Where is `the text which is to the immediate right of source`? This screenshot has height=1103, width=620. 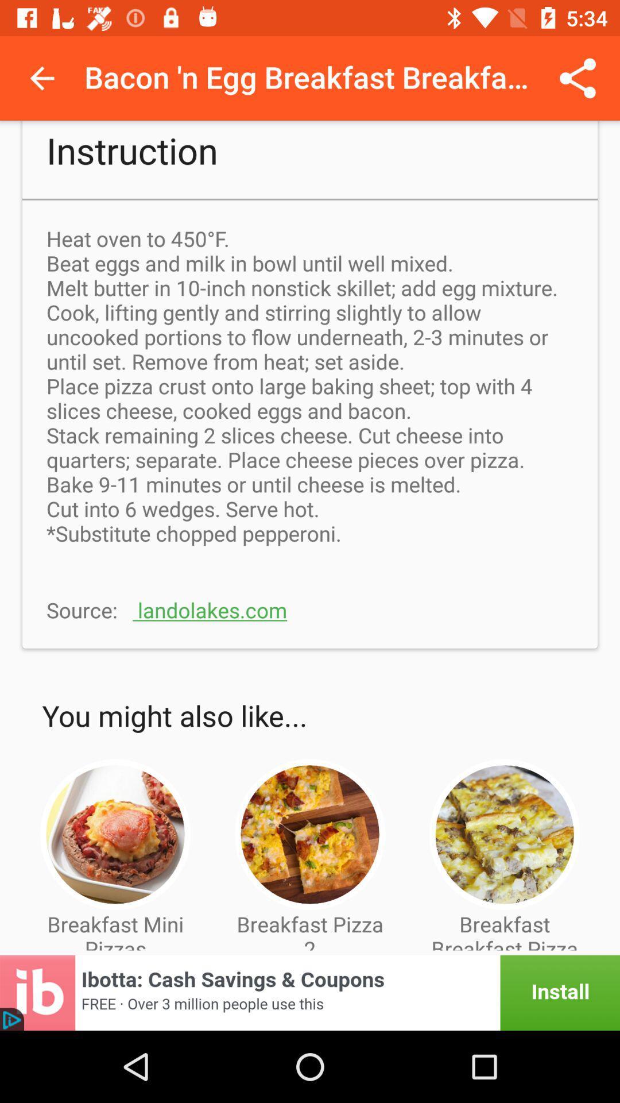 the text which is to the immediate right of source is located at coordinates (210, 609).